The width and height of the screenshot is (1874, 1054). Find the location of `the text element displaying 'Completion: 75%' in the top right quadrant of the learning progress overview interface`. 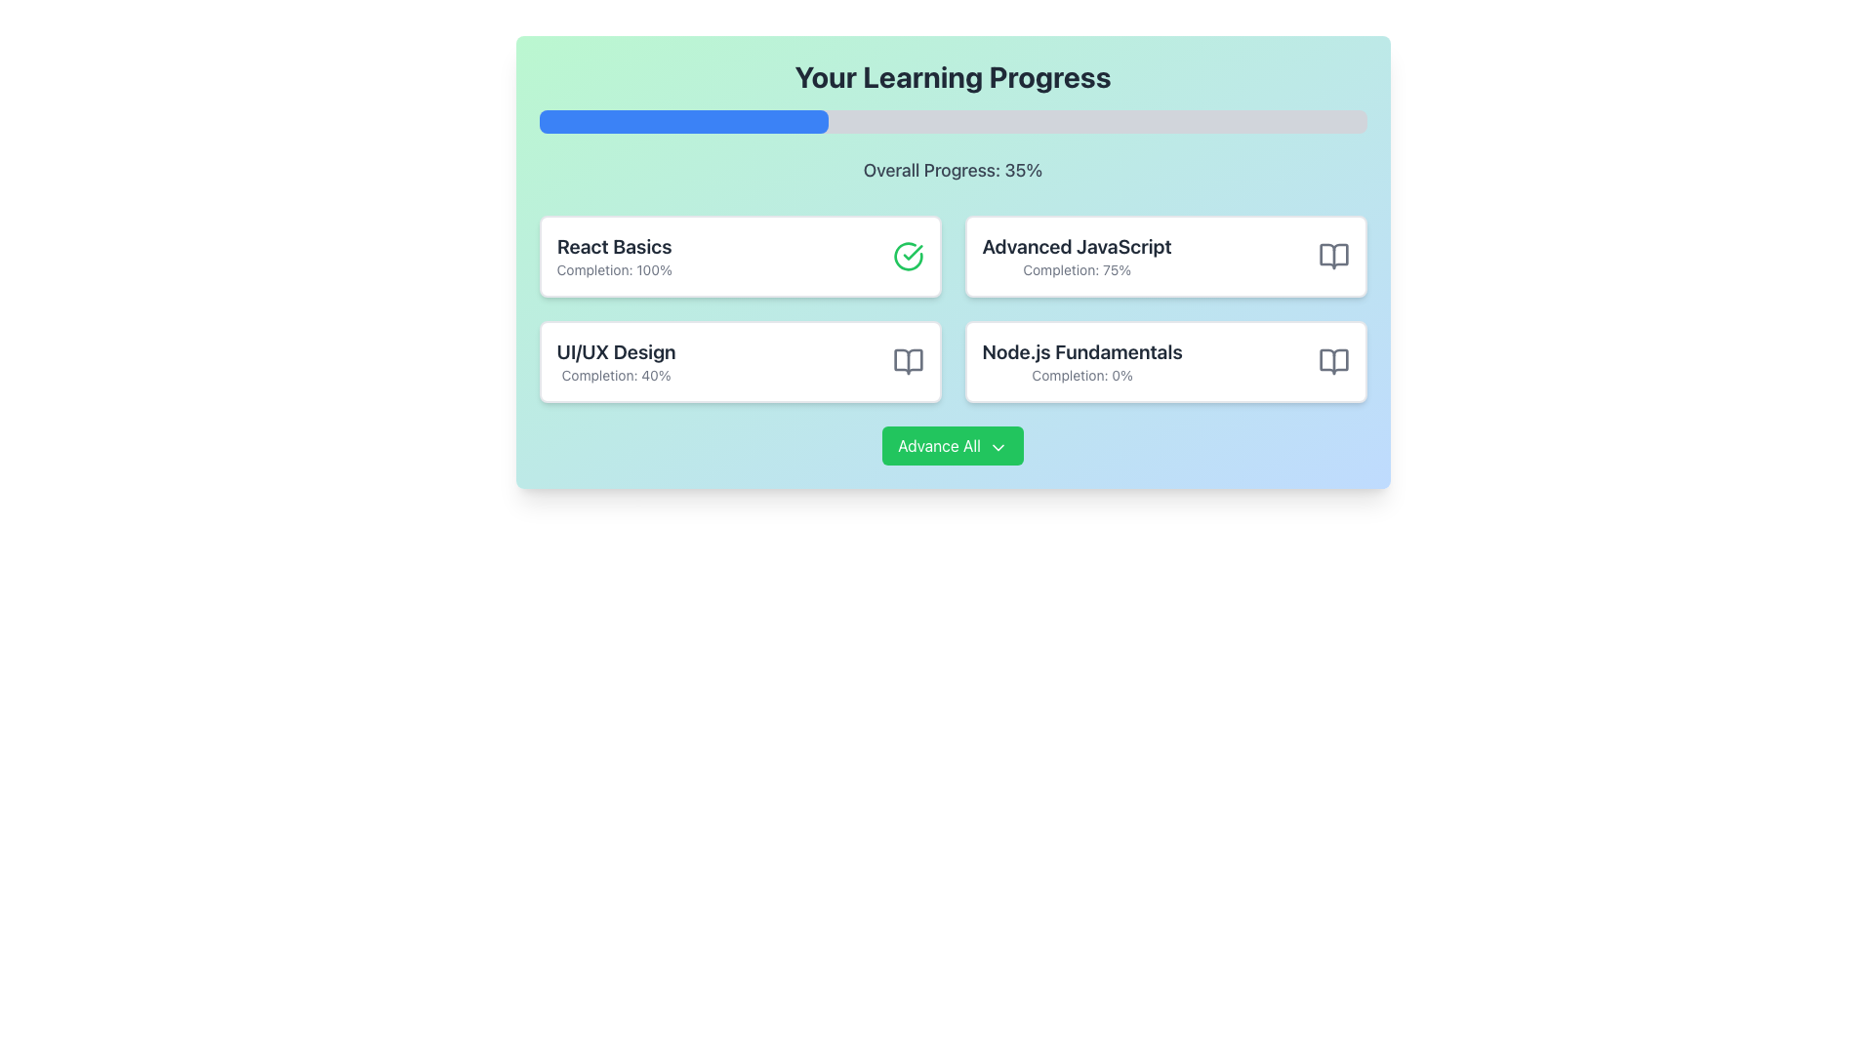

the text element displaying 'Completion: 75%' in the top right quadrant of the learning progress overview interface is located at coordinates (1076, 246).